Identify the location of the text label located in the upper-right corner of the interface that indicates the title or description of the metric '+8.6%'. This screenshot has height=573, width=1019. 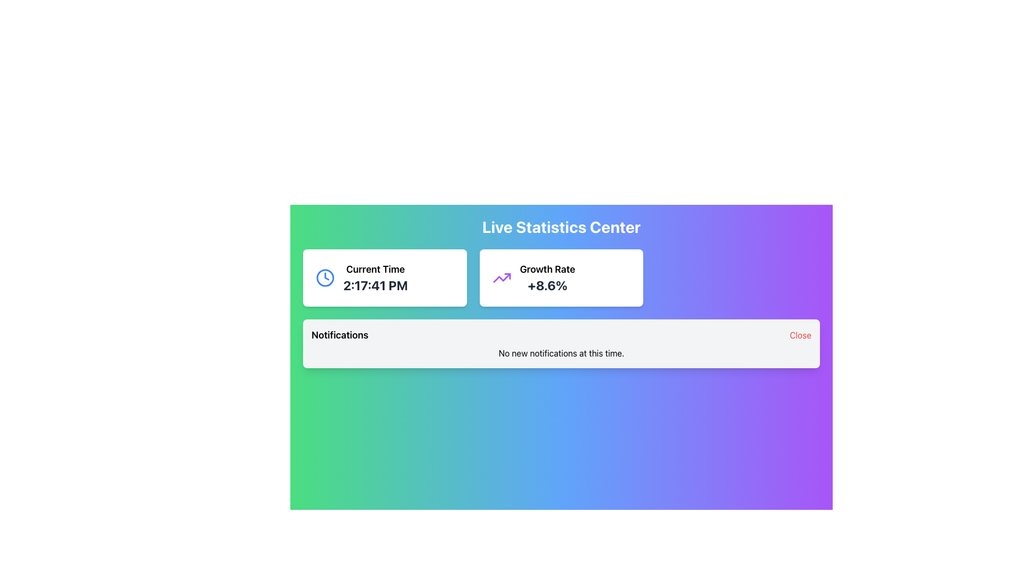
(547, 269).